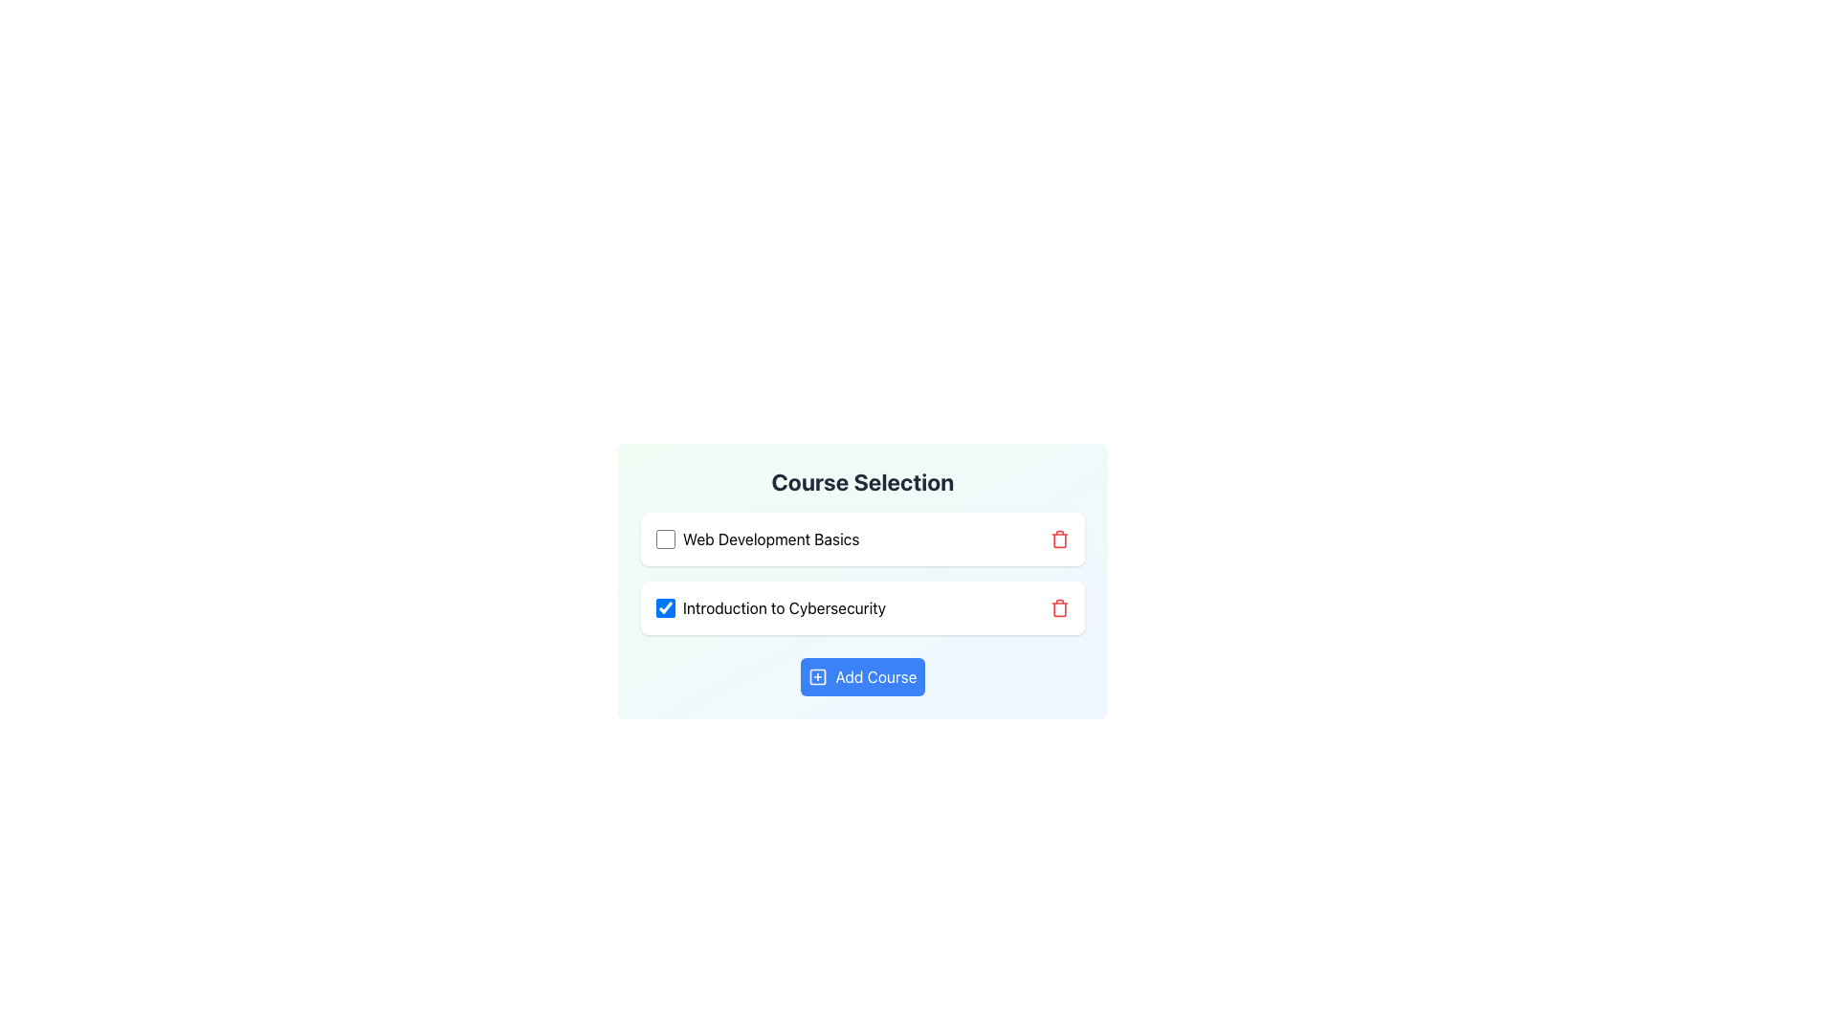  What do you see at coordinates (666, 538) in the screenshot?
I see `the checkbox for 'Web Development Basics' to select or deselect the course` at bounding box center [666, 538].